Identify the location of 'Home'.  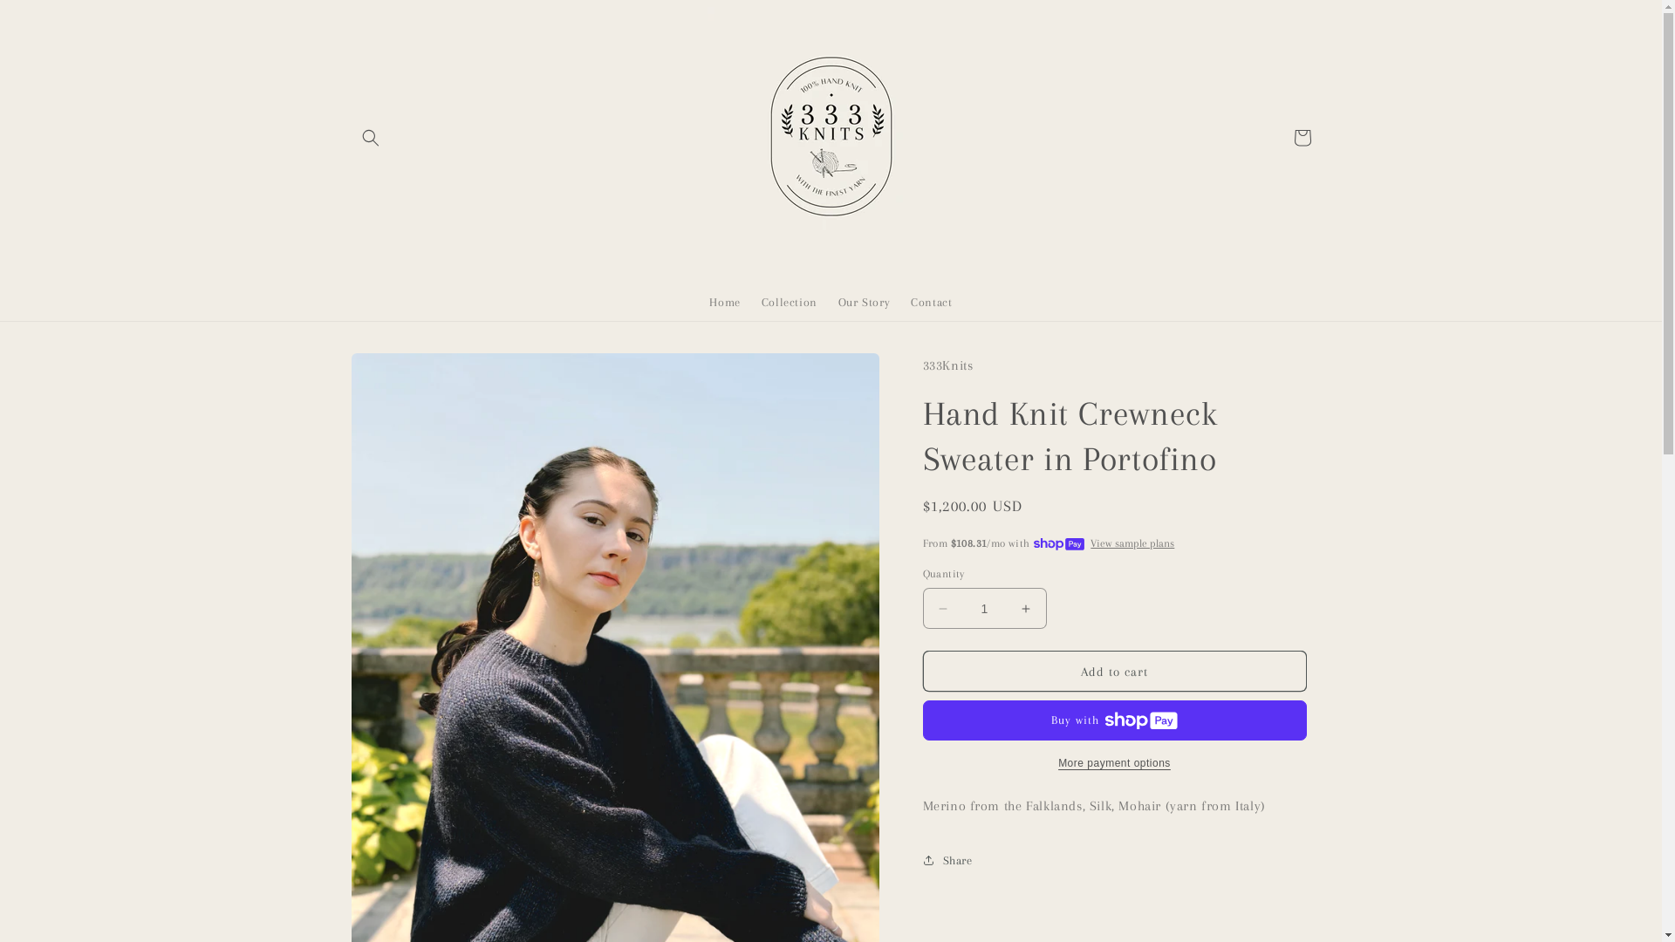
(724, 302).